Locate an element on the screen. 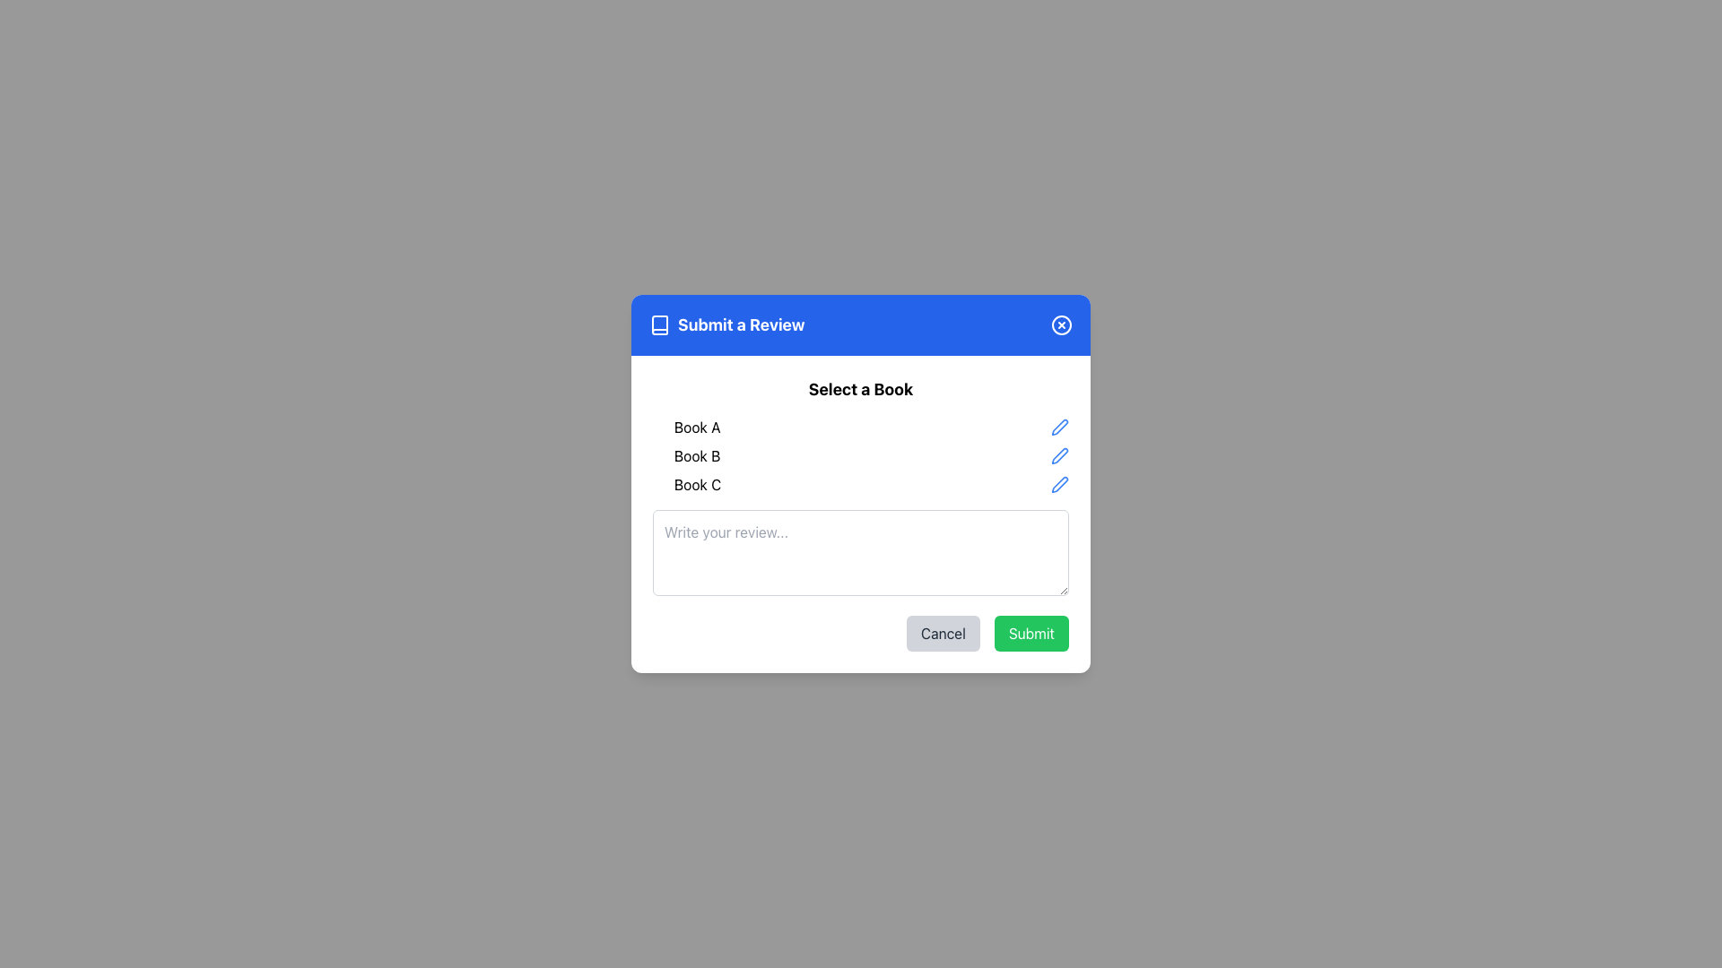 The image size is (1722, 968). the decorative SVG Circle located at the top-right corner of the dialog box's header area, adjacent to the right edge is located at coordinates (1062, 324).